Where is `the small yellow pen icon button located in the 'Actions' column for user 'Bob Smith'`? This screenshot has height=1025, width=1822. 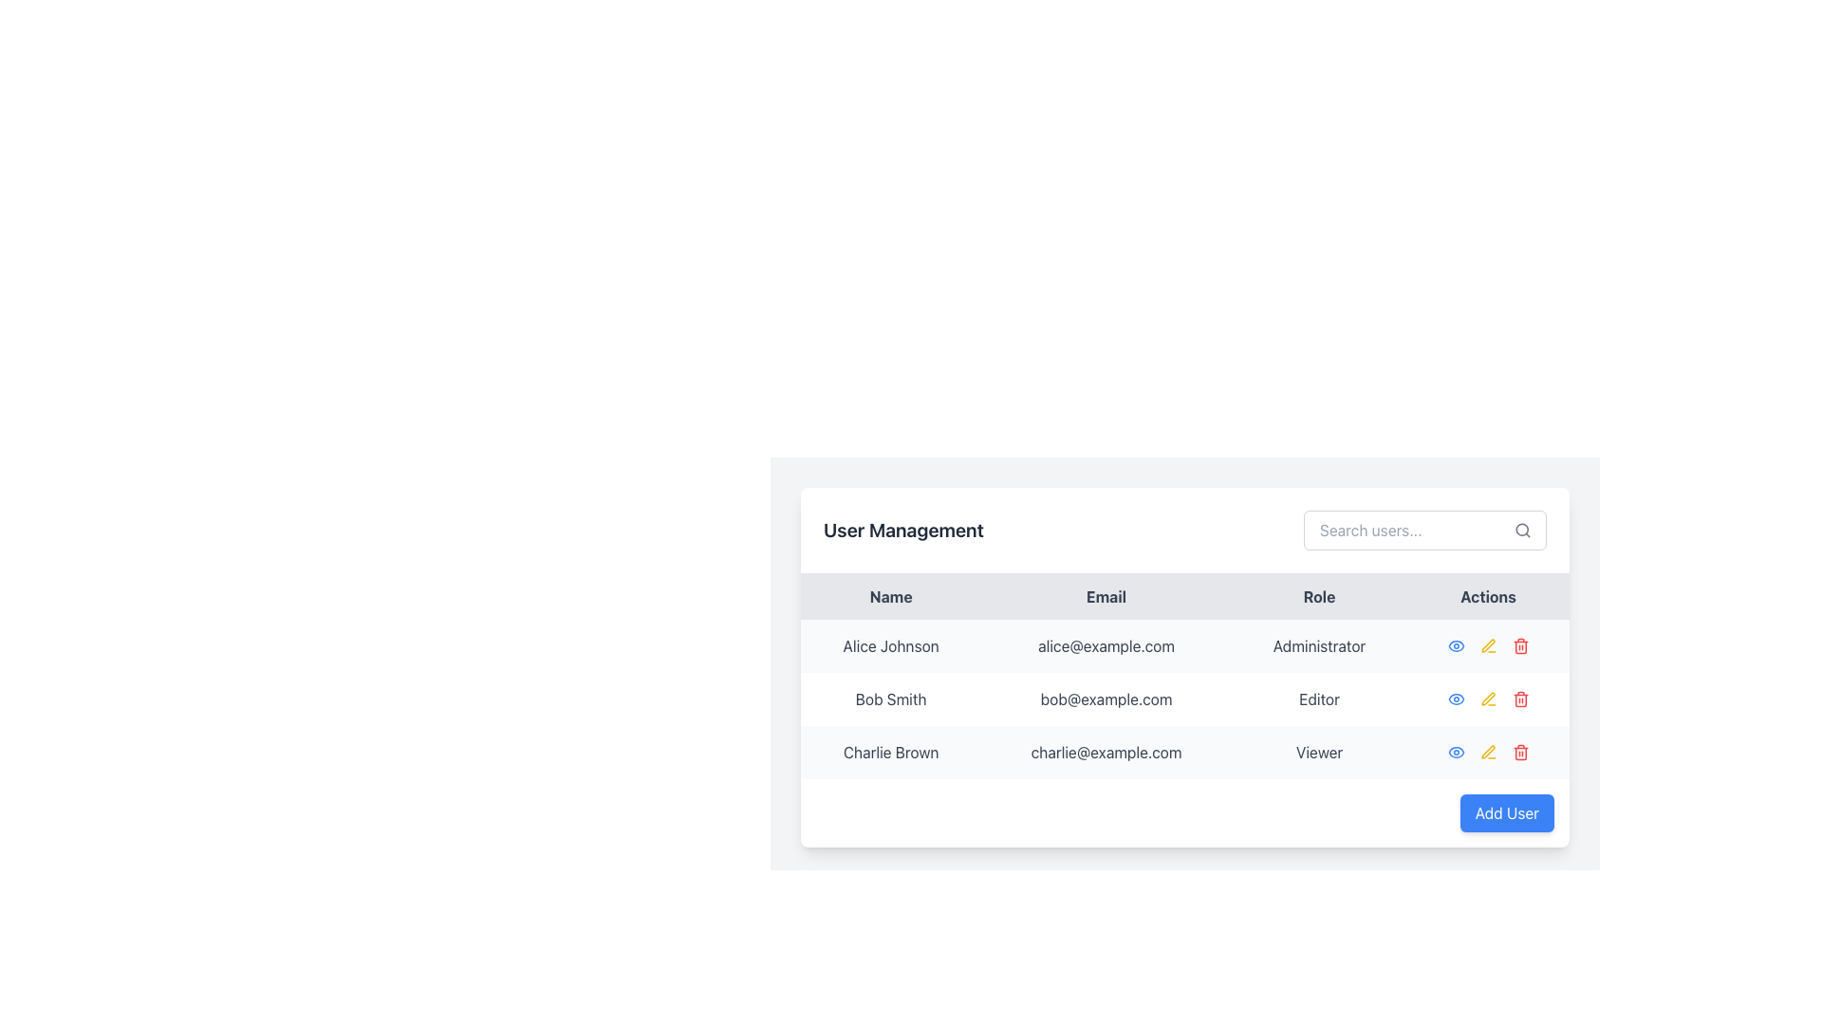 the small yellow pen icon button located in the 'Actions' column for user 'Bob Smith' is located at coordinates (1487, 699).